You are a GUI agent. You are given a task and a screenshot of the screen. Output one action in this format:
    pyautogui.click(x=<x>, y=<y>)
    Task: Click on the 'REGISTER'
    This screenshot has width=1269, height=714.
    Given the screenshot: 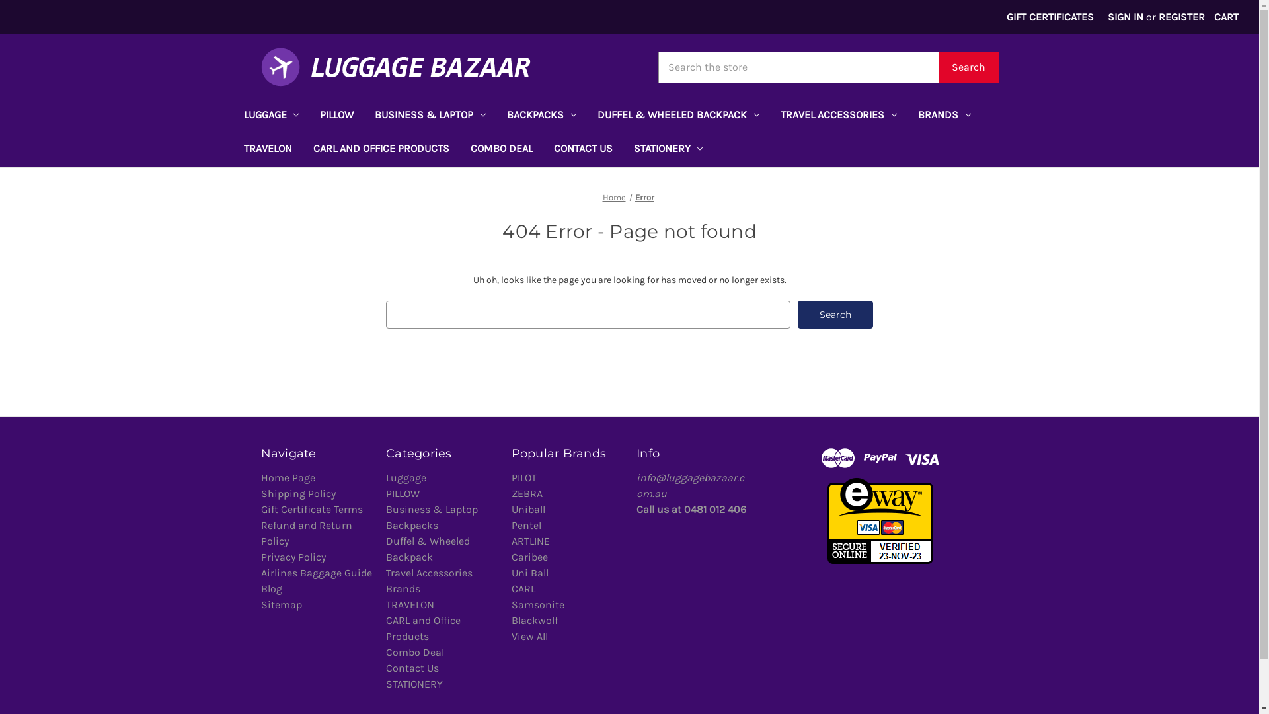 What is the action you would take?
    pyautogui.click(x=1181, y=17)
    